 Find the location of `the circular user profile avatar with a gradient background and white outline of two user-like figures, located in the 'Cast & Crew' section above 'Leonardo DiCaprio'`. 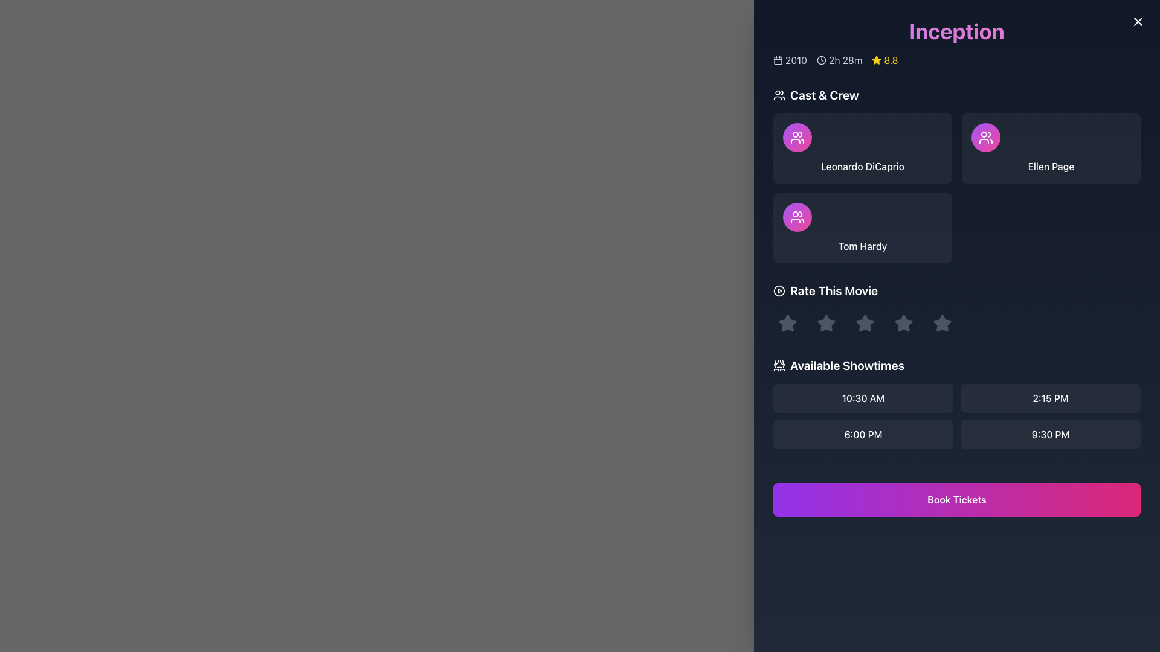

the circular user profile avatar with a gradient background and white outline of two user-like figures, located in the 'Cast & Crew' section above 'Leonardo DiCaprio' is located at coordinates (797, 136).